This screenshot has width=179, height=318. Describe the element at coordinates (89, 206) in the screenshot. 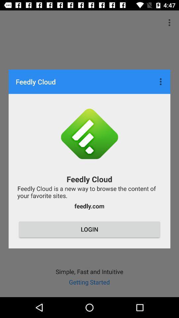

I see `feedly.com icon` at that location.